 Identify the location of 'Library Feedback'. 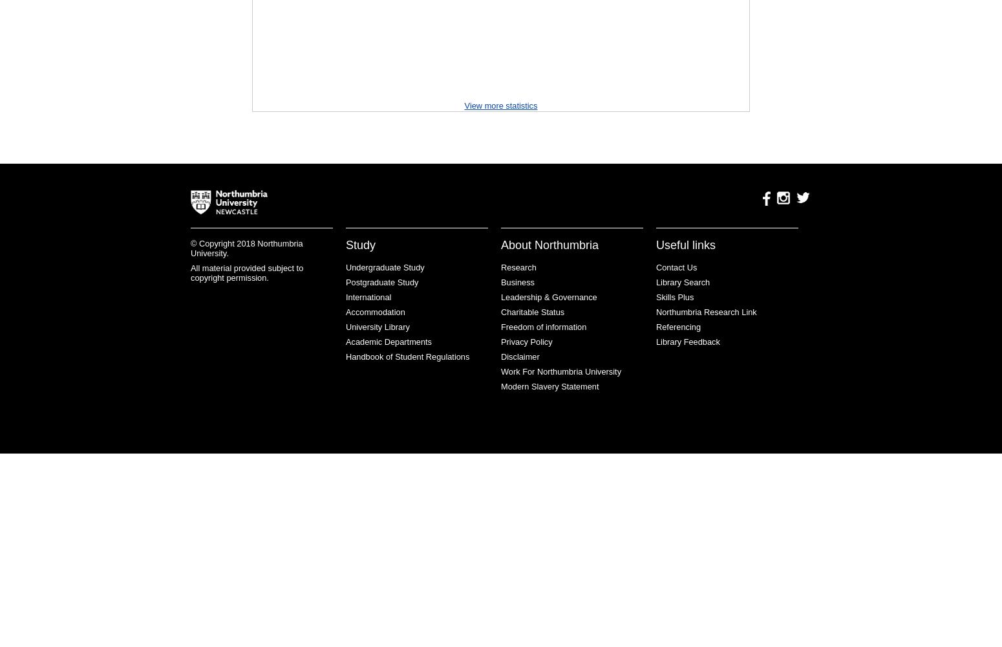
(688, 342).